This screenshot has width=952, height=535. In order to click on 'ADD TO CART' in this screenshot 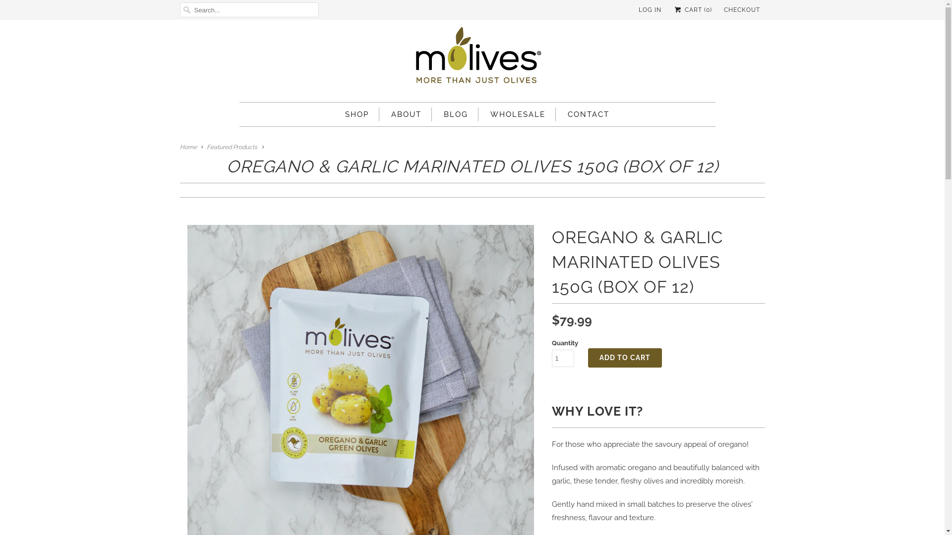, I will do `click(624, 358)`.